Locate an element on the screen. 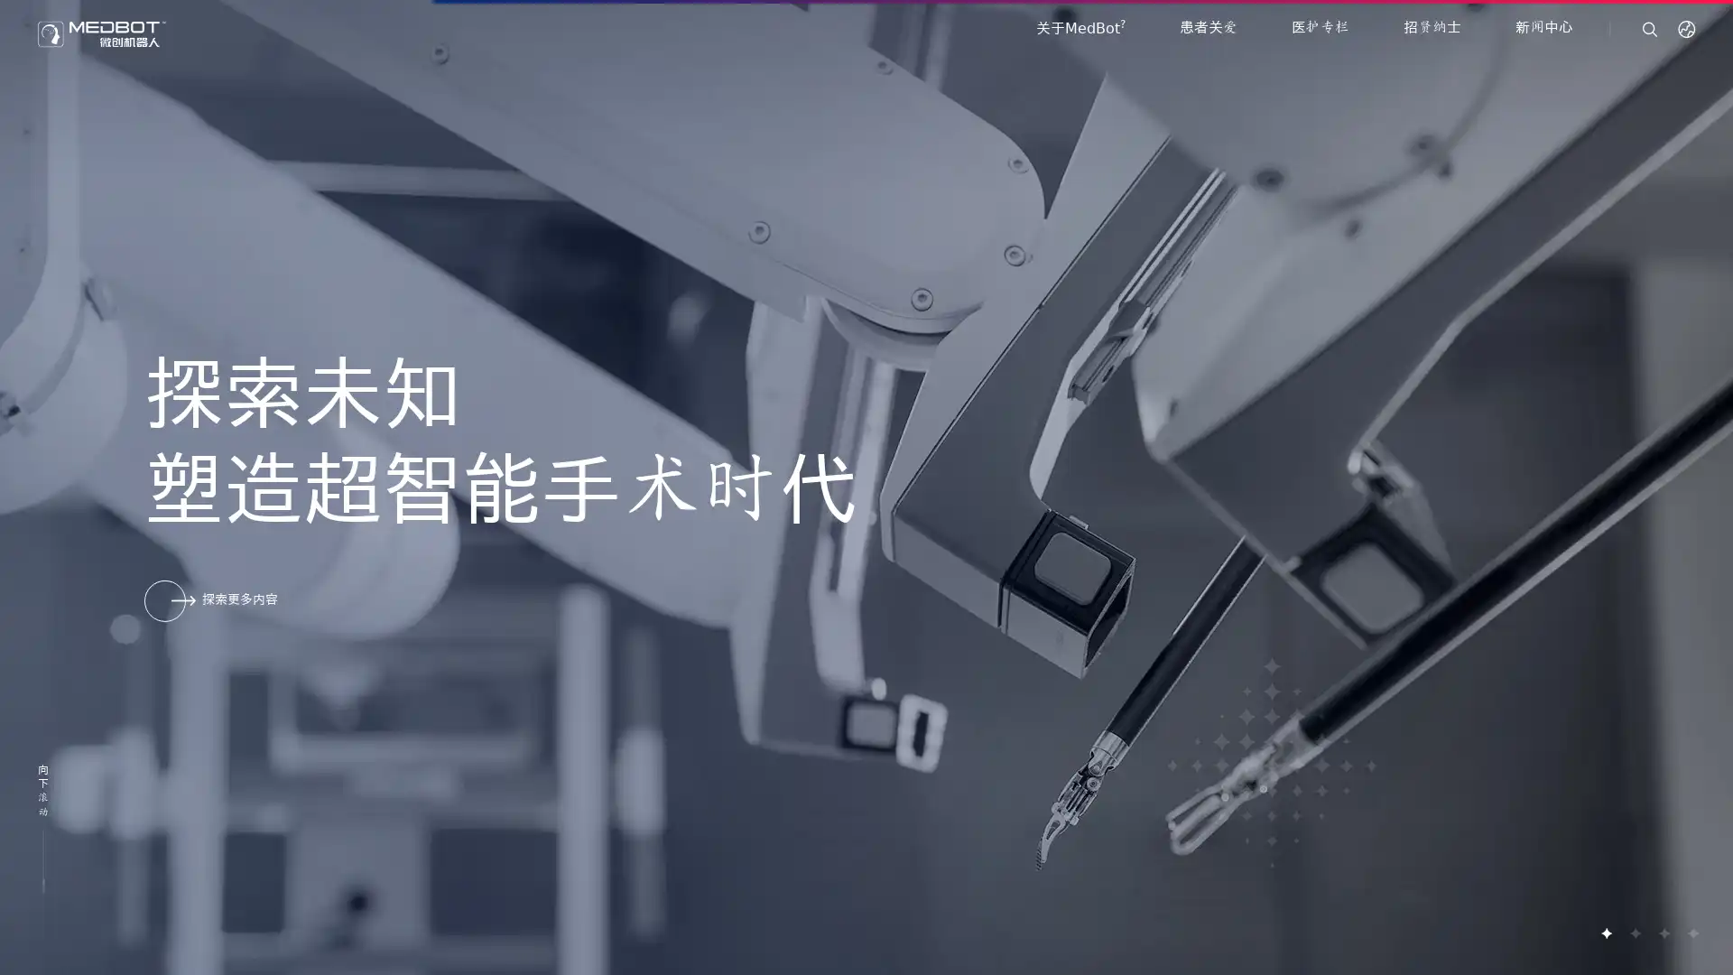 The width and height of the screenshot is (1733, 975). Go to slide 4 is located at coordinates (1691, 933).